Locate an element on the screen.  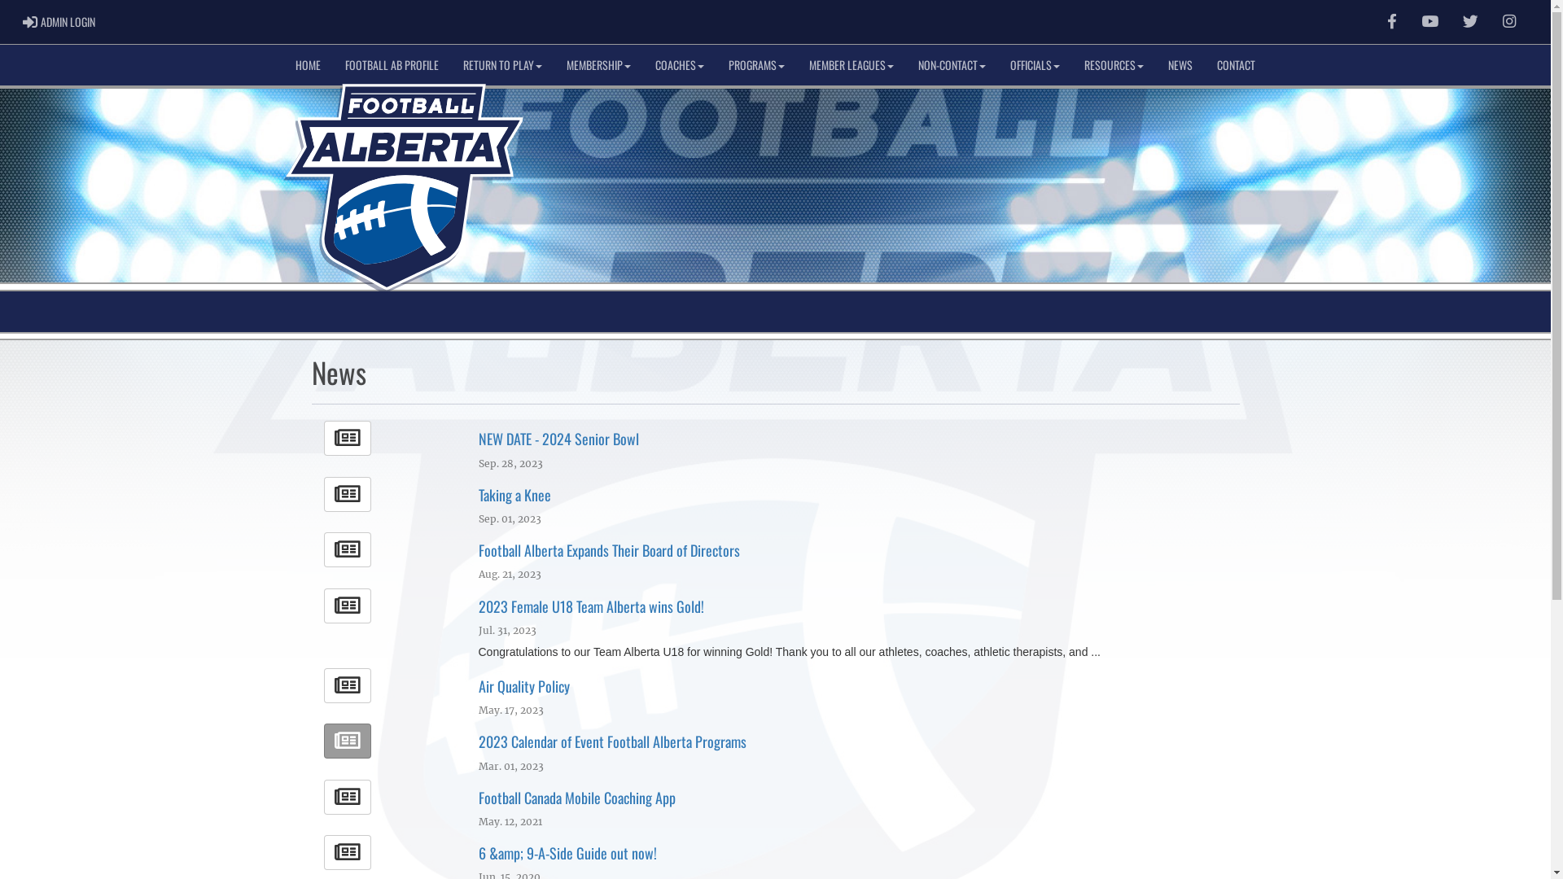
'NON-CONTACT' is located at coordinates (952, 64).